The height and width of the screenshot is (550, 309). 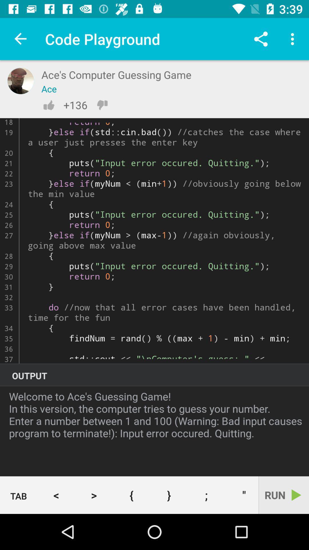 What do you see at coordinates (102, 105) in the screenshot?
I see `the thumbs_down icon` at bounding box center [102, 105].